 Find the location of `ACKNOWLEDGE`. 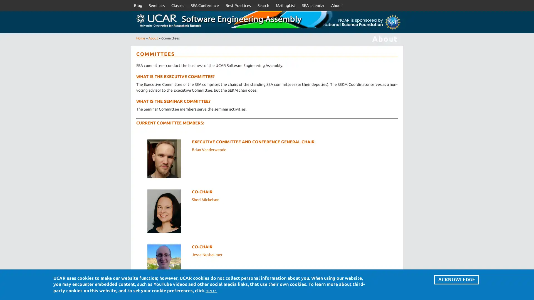

ACKNOWLEDGE is located at coordinates (456, 279).